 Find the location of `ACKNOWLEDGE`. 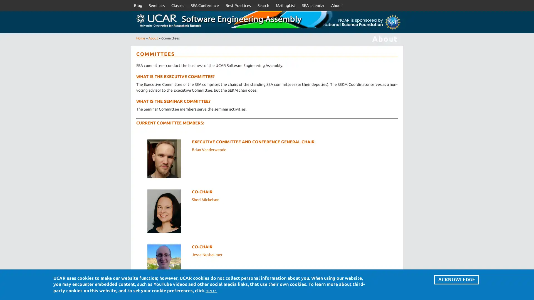

ACKNOWLEDGE is located at coordinates (456, 279).